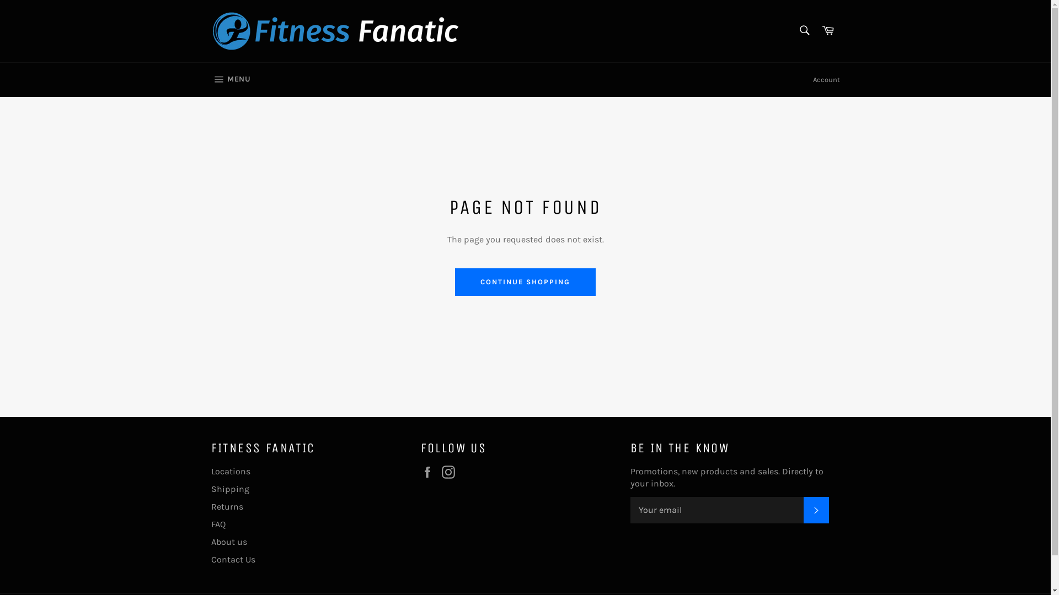 Image resolution: width=1059 pixels, height=595 pixels. What do you see at coordinates (211, 471) in the screenshot?
I see `'Locations'` at bounding box center [211, 471].